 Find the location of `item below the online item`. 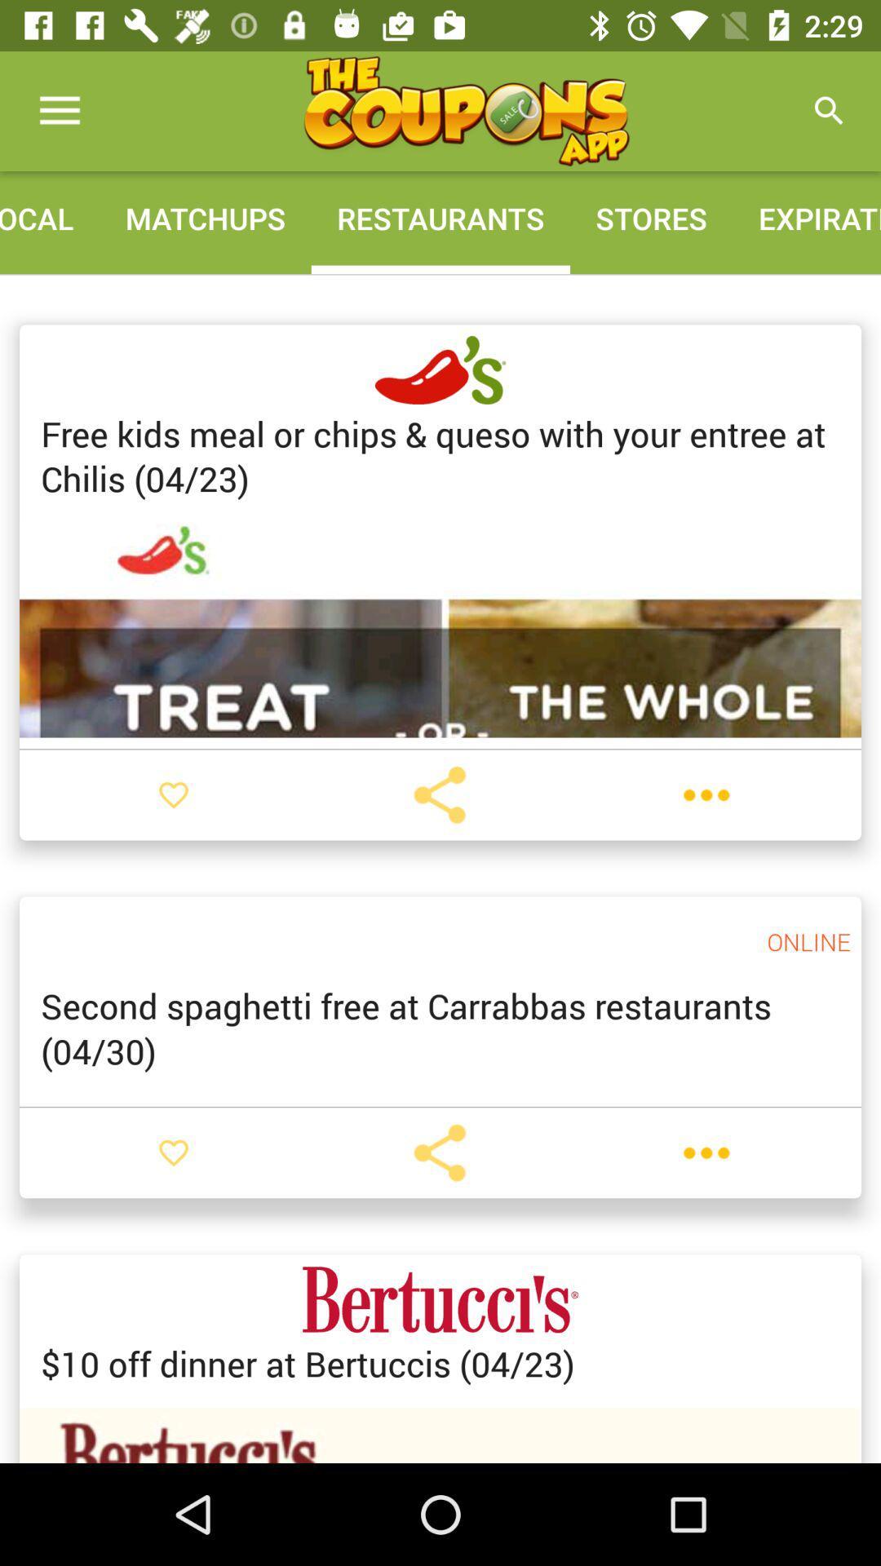

item below the online item is located at coordinates (440, 1027).